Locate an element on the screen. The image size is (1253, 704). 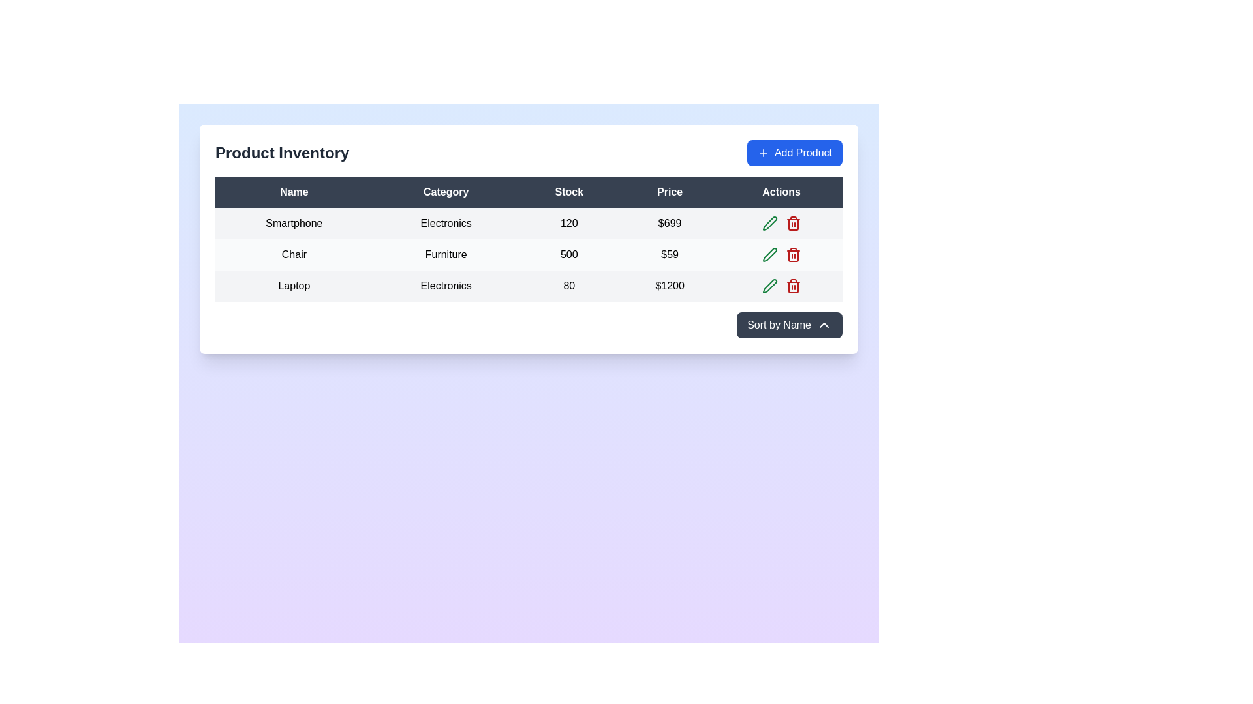
the static text label displaying 'Chair' in black font, located in the first cell of the second row under the 'Name' column of the table is located at coordinates (294, 254).